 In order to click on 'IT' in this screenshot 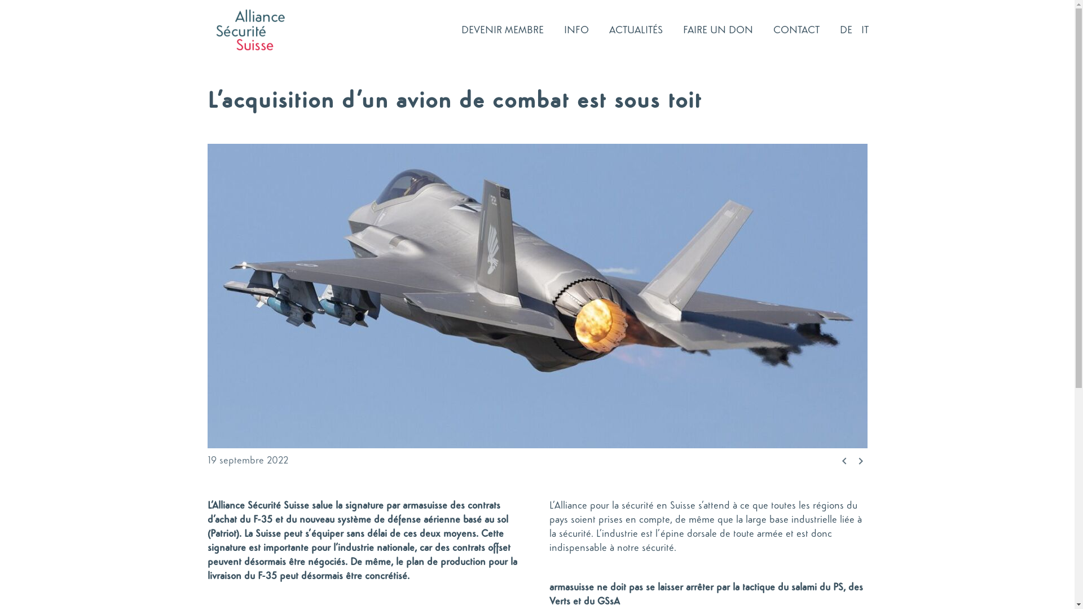, I will do `click(864, 29)`.